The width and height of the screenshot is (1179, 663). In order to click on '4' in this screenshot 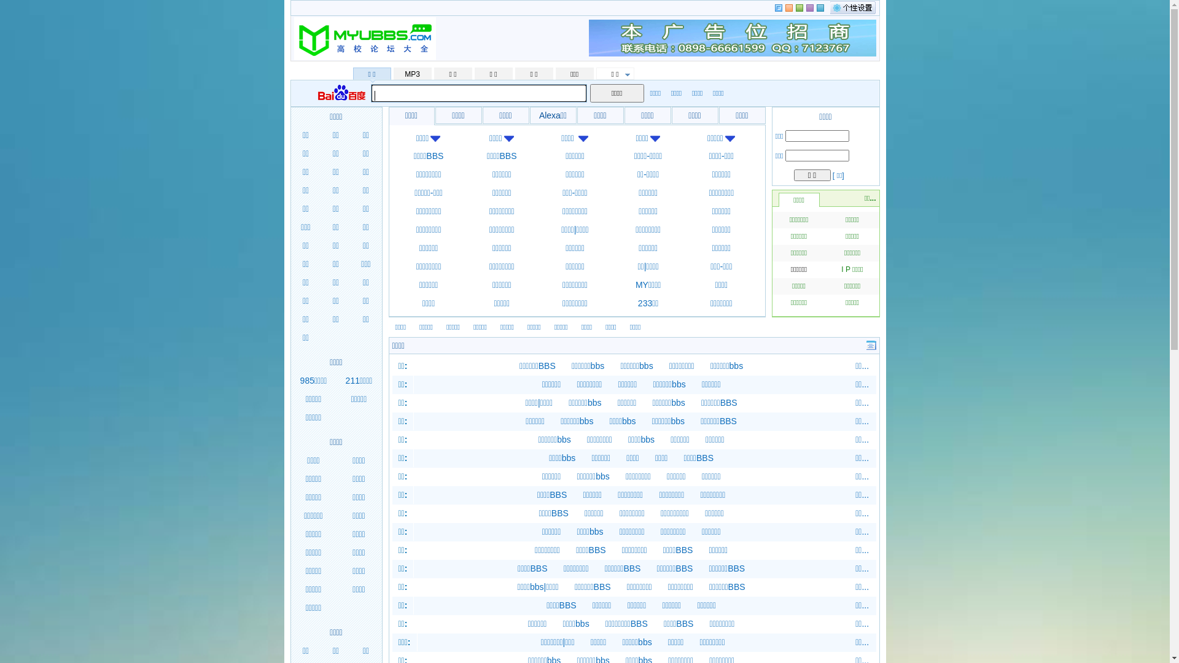, I will do `click(820, 7)`.